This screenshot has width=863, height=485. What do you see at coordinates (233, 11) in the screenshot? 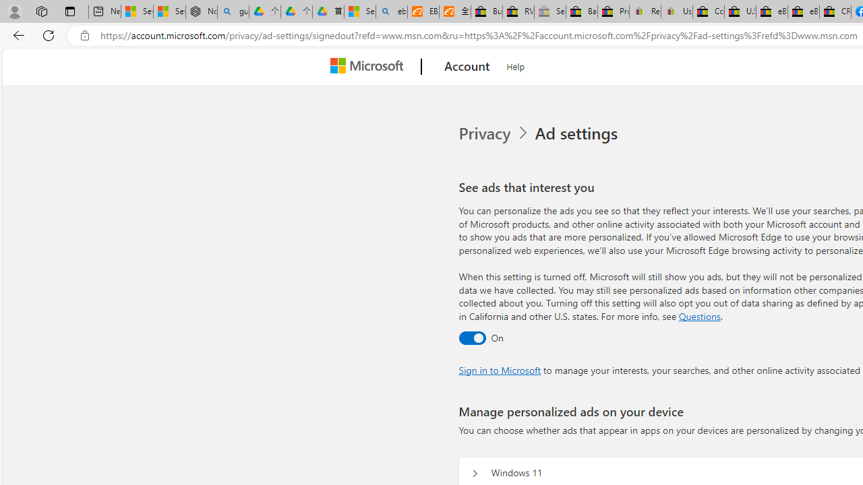
I see `'guge yunpan - Search'` at bounding box center [233, 11].